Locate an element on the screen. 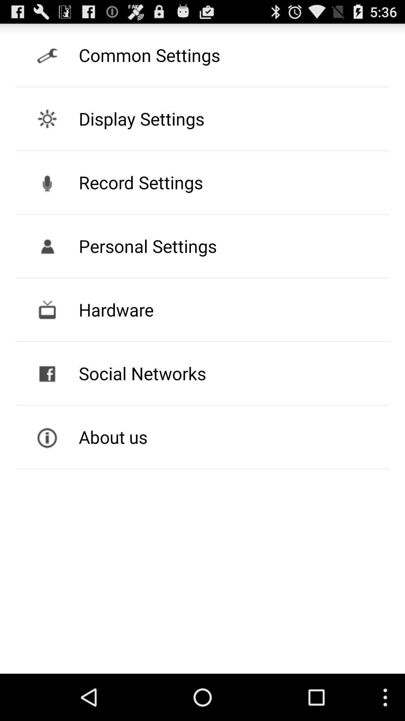 The height and width of the screenshot is (721, 405). the icon beside hardware is located at coordinates (47, 310).